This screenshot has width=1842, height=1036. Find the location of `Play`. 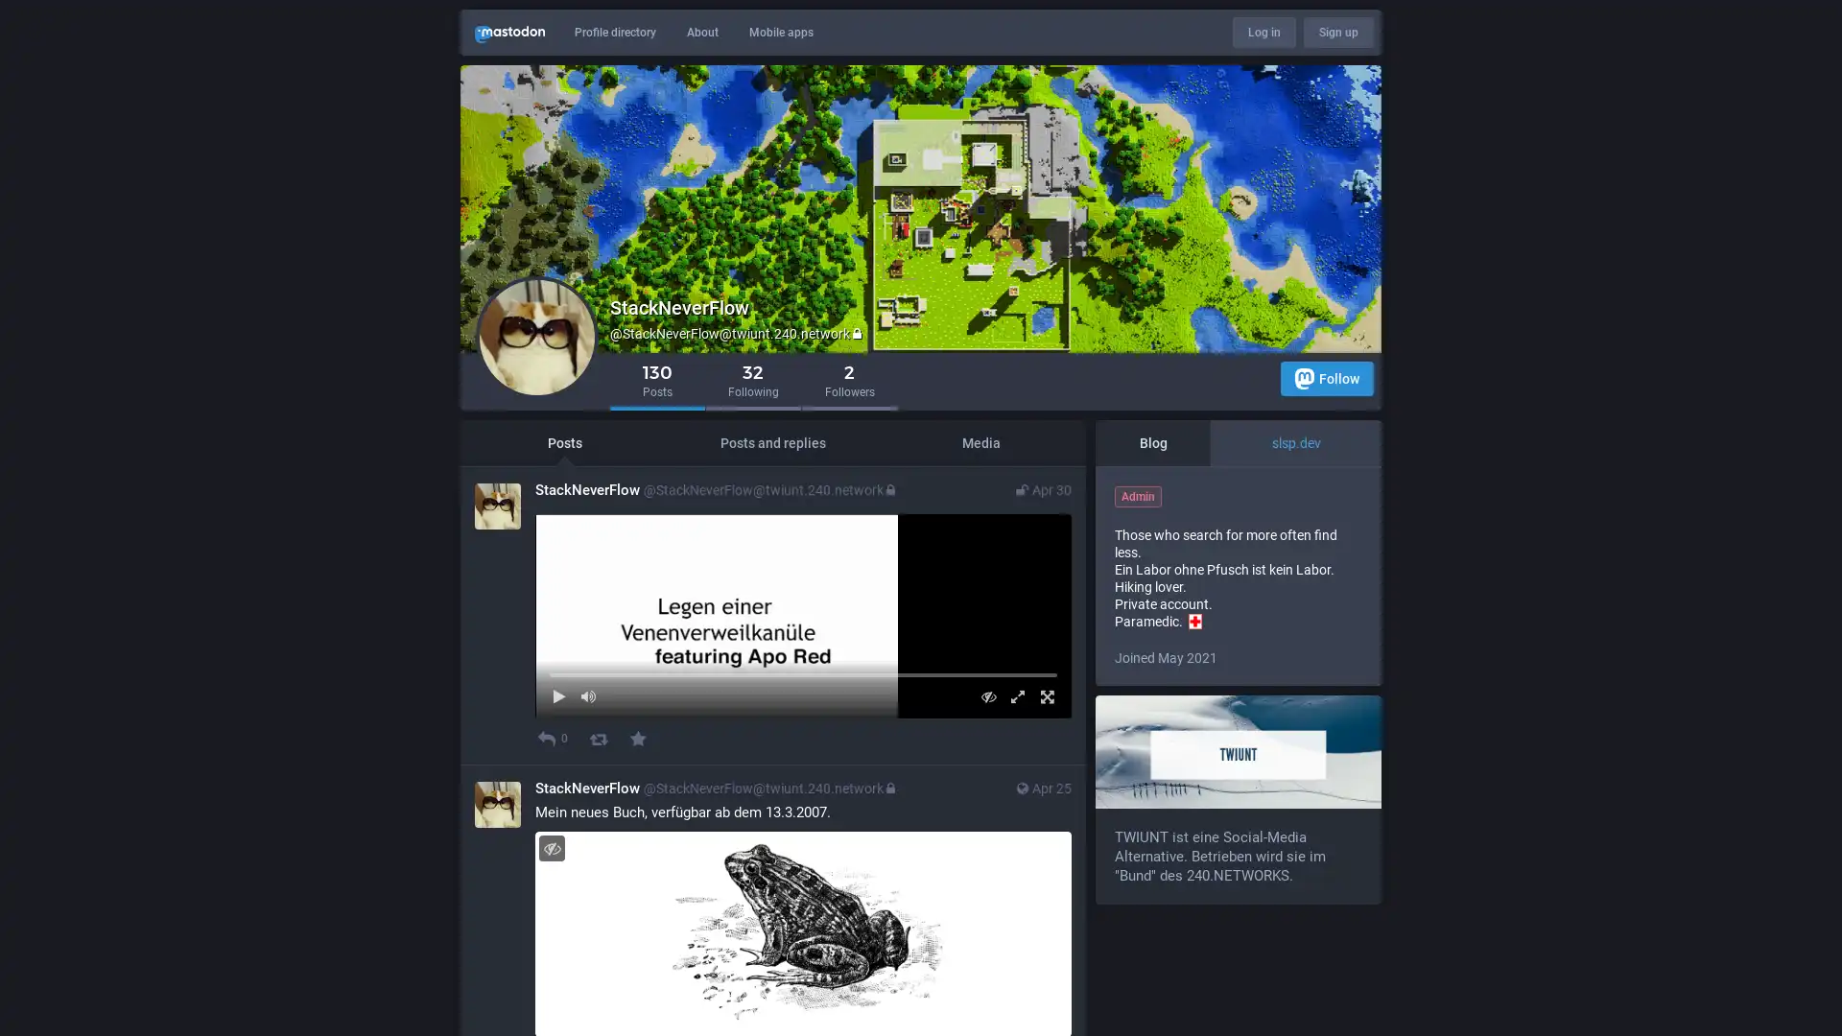

Play is located at coordinates (557, 793).